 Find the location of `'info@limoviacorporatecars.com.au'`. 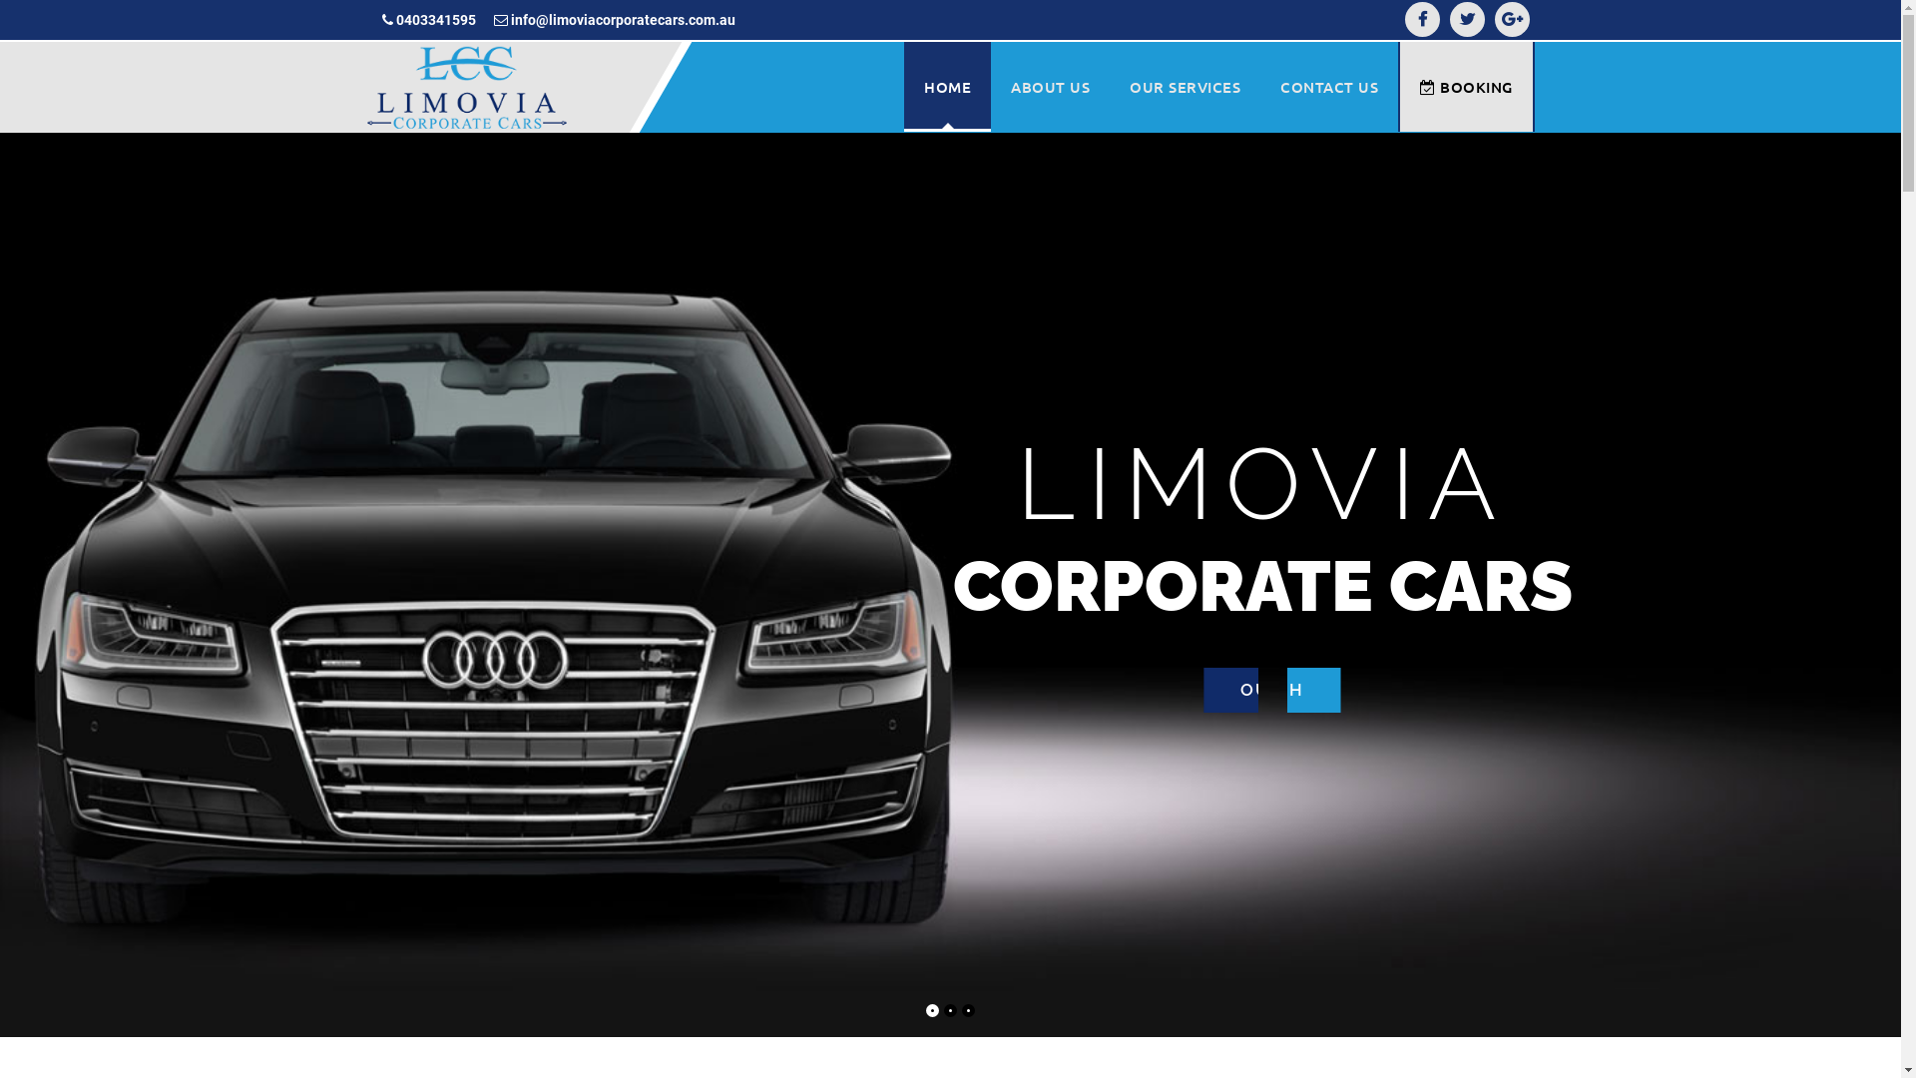

'info@limoviacorporatecars.com.au' is located at coordinates (612, 19).